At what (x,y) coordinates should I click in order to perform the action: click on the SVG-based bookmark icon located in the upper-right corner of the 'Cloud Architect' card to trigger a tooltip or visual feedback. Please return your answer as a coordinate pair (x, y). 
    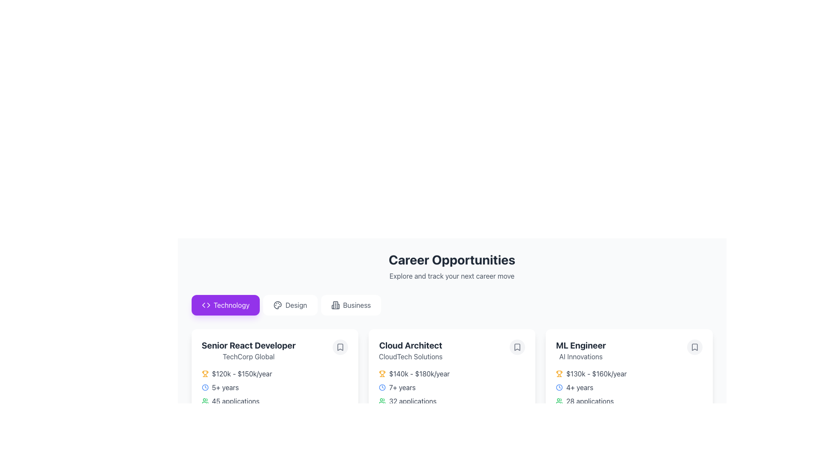
    Looking at the image, I should click on (517, 347).